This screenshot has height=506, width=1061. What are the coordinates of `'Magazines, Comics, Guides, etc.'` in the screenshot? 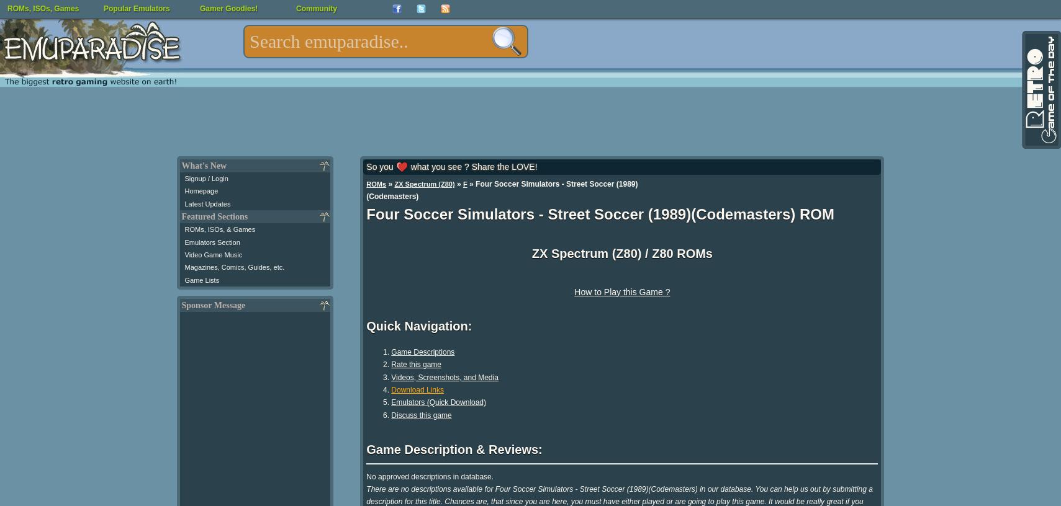 It's located at (233, 267).